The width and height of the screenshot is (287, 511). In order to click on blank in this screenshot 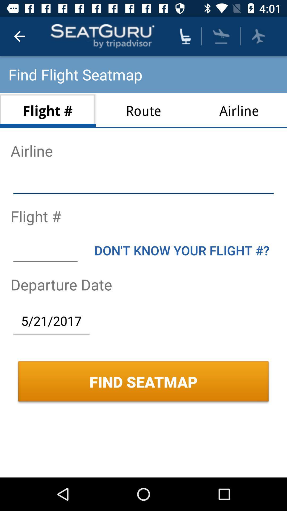, I will do `click(45, 250)`.